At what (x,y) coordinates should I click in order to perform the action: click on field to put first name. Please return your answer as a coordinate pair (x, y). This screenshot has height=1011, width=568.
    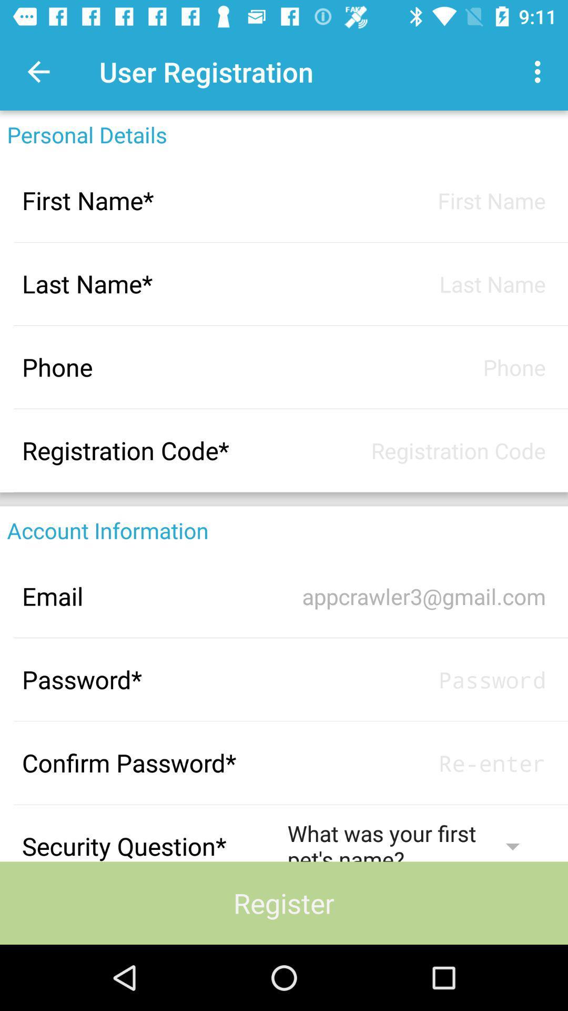
    Looking at the image, I should click on (416, 200).